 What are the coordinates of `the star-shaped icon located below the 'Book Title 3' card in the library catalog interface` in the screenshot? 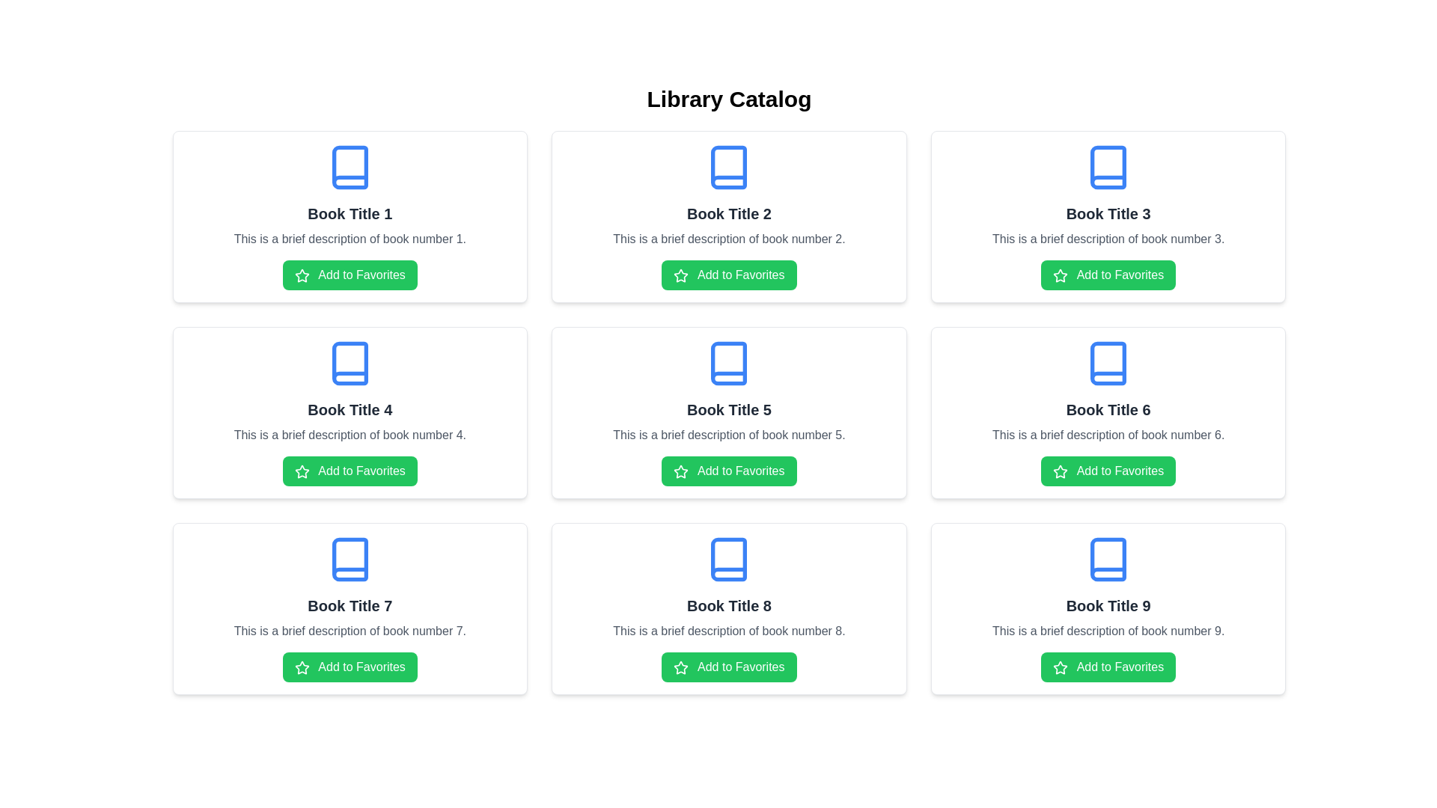 It's located at (1060, 275).